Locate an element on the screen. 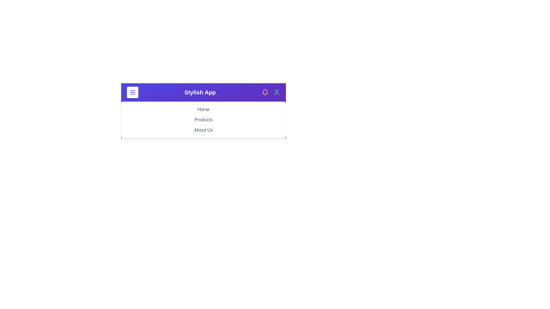 This screenshot has height=309, width=550. the menu icon to toggle the menu visibility is located at coordinates (132, 92).